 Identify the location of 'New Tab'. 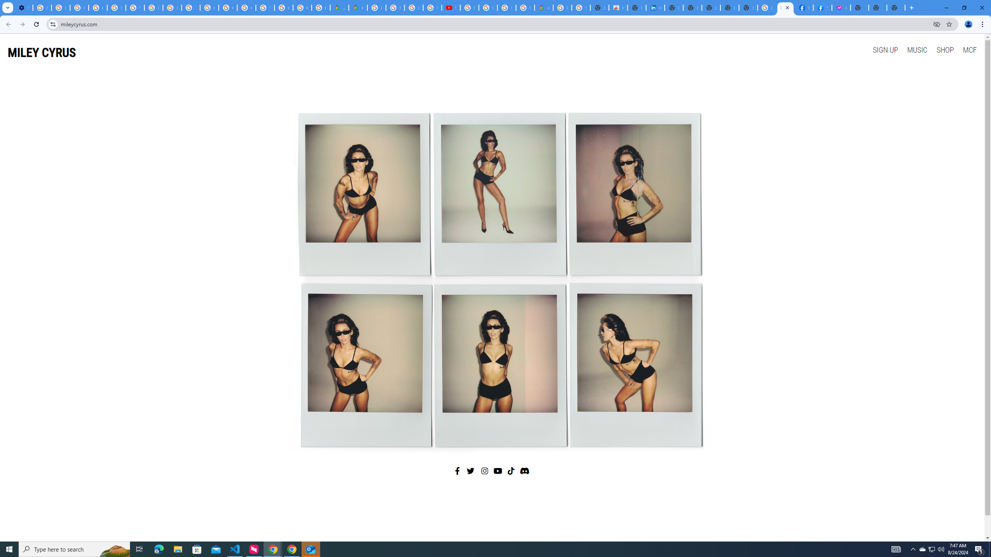
(896, 7).